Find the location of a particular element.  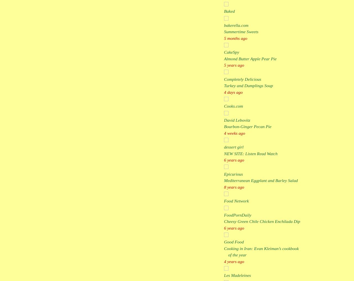

'CakeSpy' is located at coordinates (231, 52).